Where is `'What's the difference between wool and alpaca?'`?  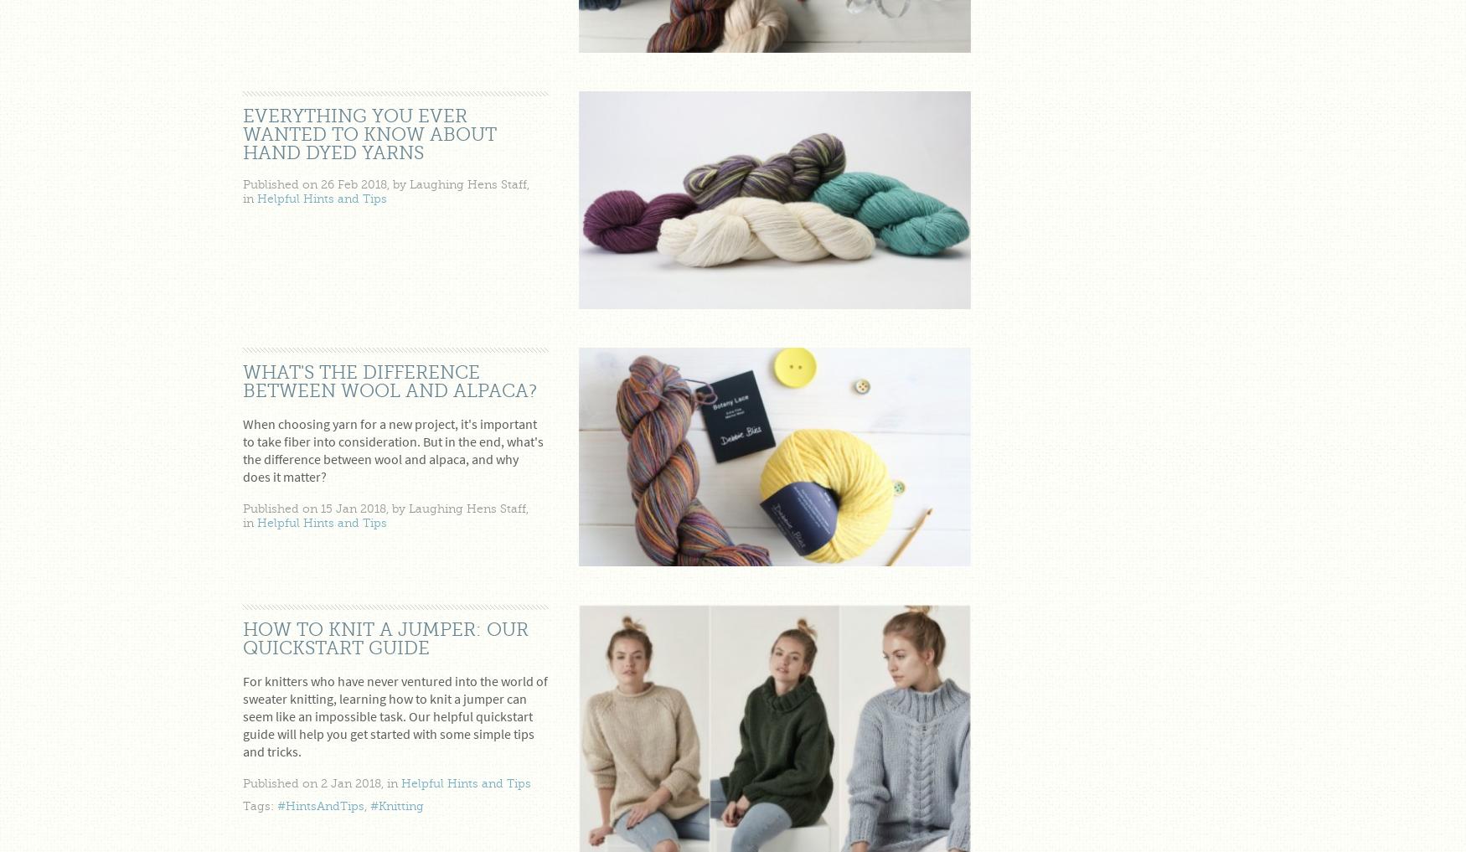
'What's the difference between wool and alpaca?' is located at coordinates (390, 380).